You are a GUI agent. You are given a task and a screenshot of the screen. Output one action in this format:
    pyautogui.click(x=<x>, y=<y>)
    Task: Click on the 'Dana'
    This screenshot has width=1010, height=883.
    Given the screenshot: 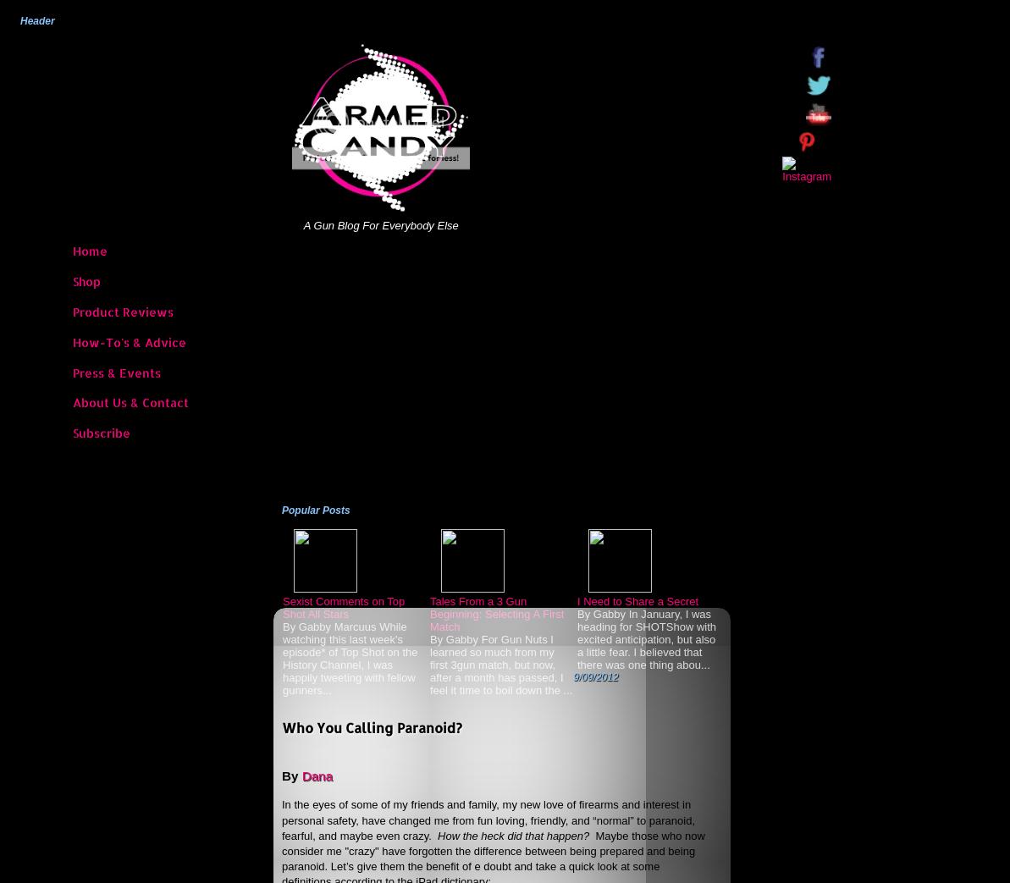 What is the action you would take?
    pyautogui.click(x=317, y=774)
    